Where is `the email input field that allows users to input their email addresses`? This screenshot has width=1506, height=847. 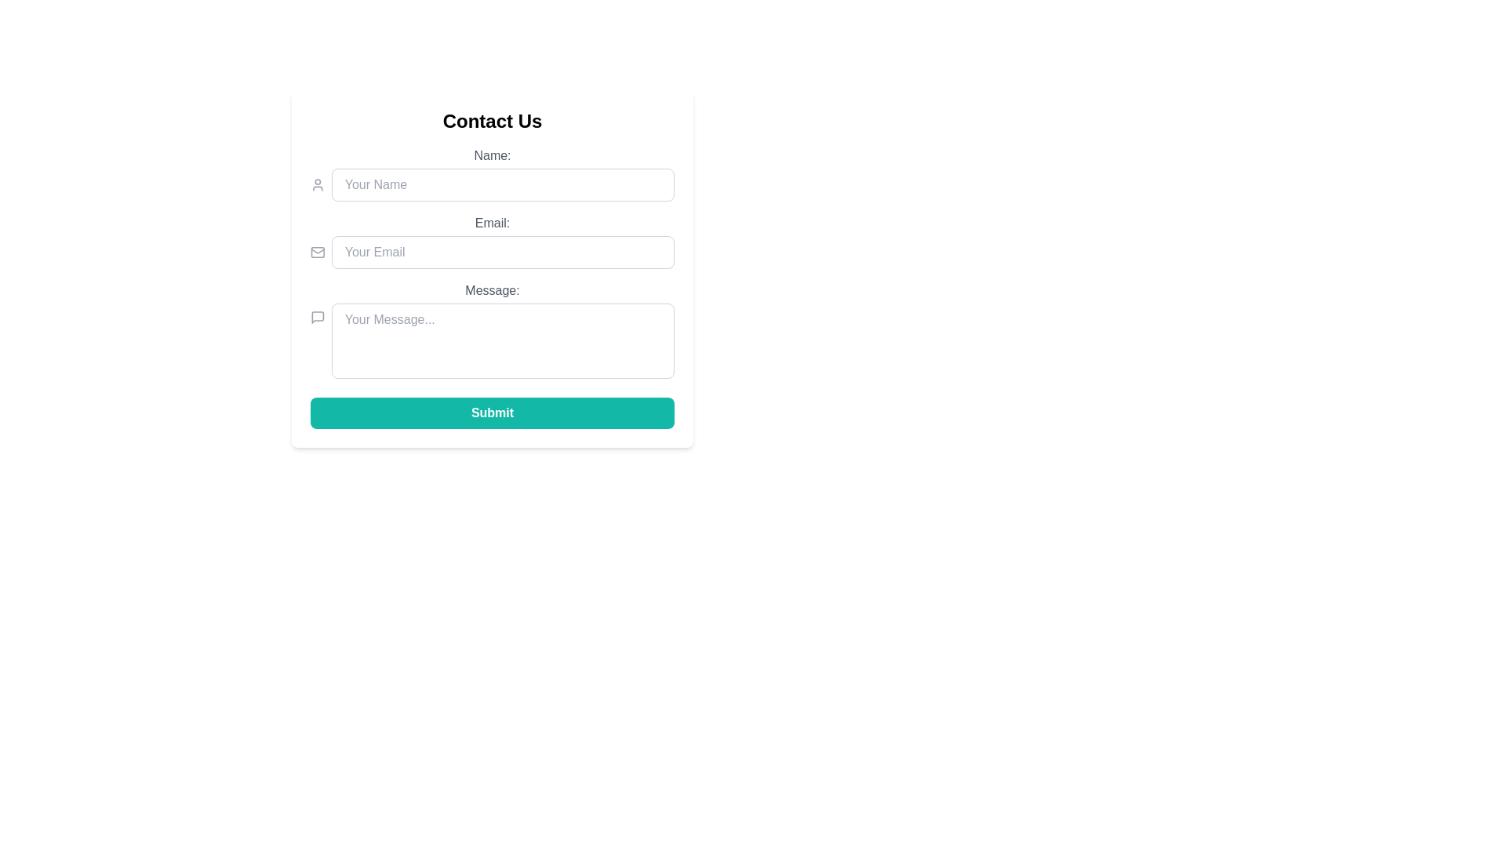
the email input field that allows users to input their email addresses is located at coordinates (503, 251).